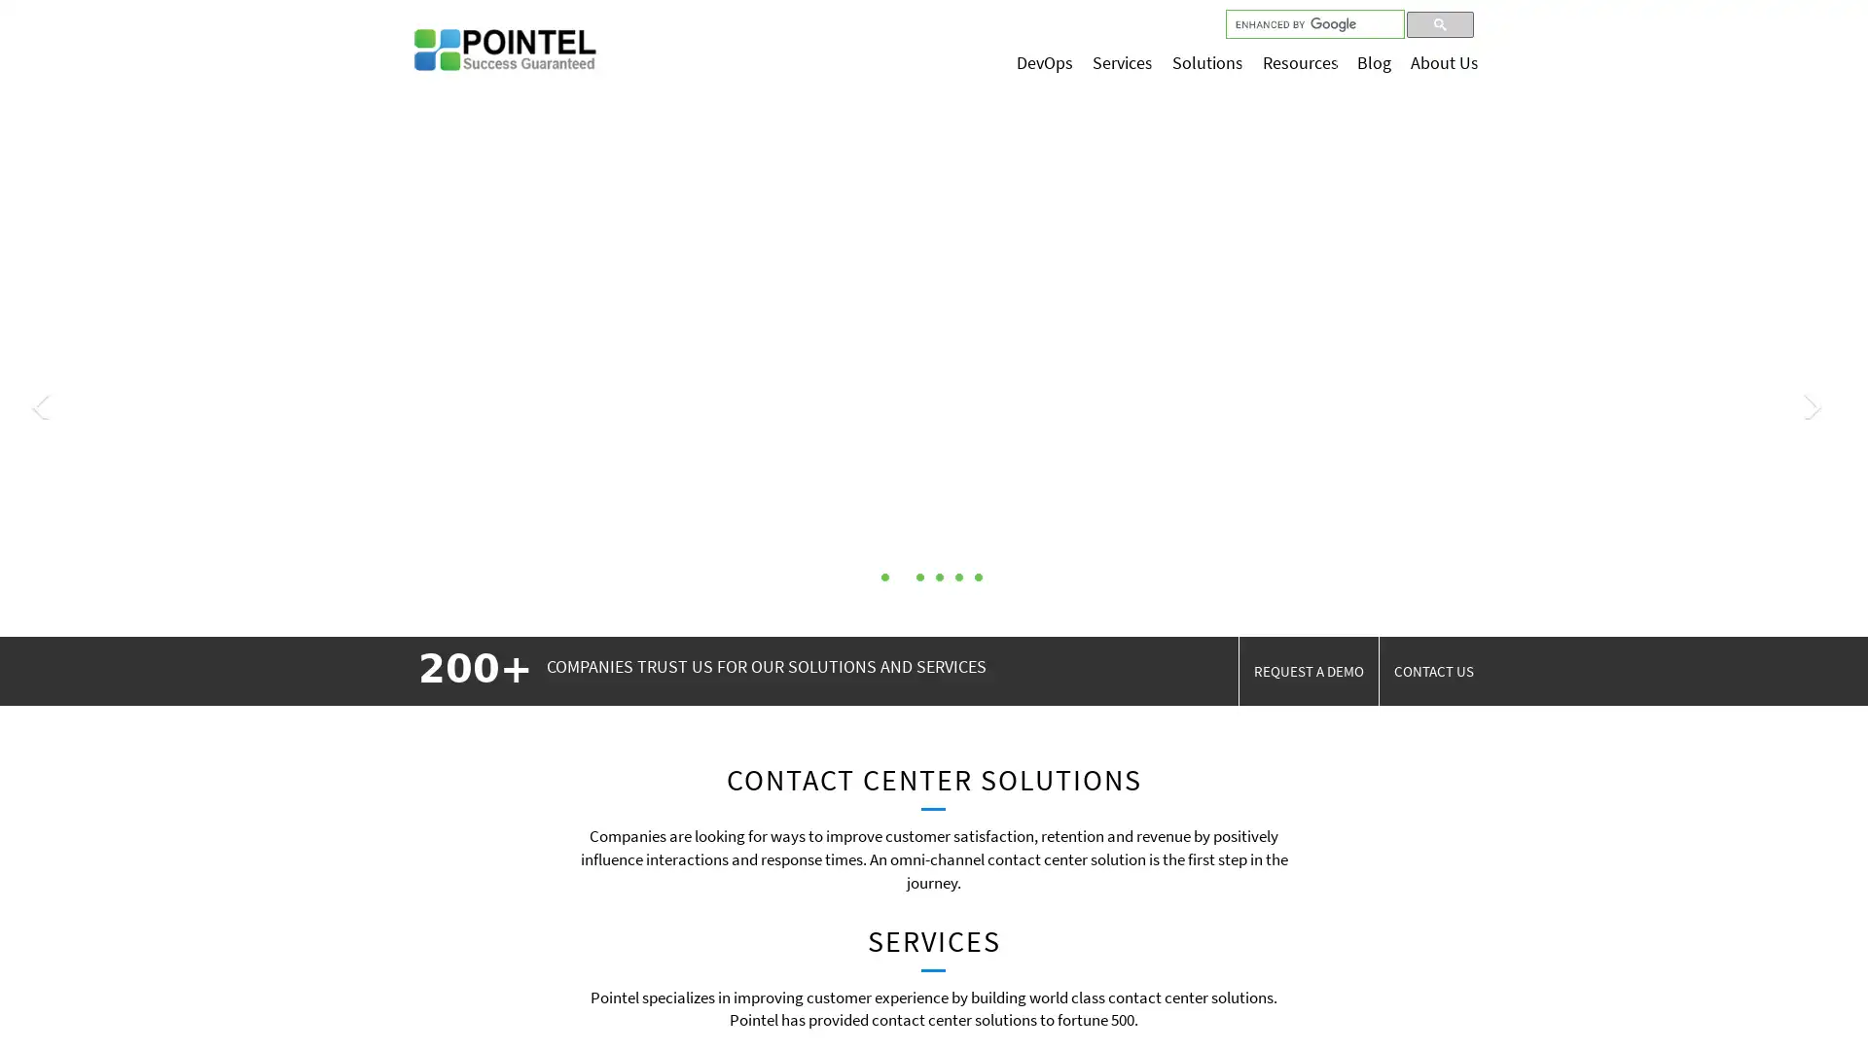  I want to click on search, so click(1440, 23).